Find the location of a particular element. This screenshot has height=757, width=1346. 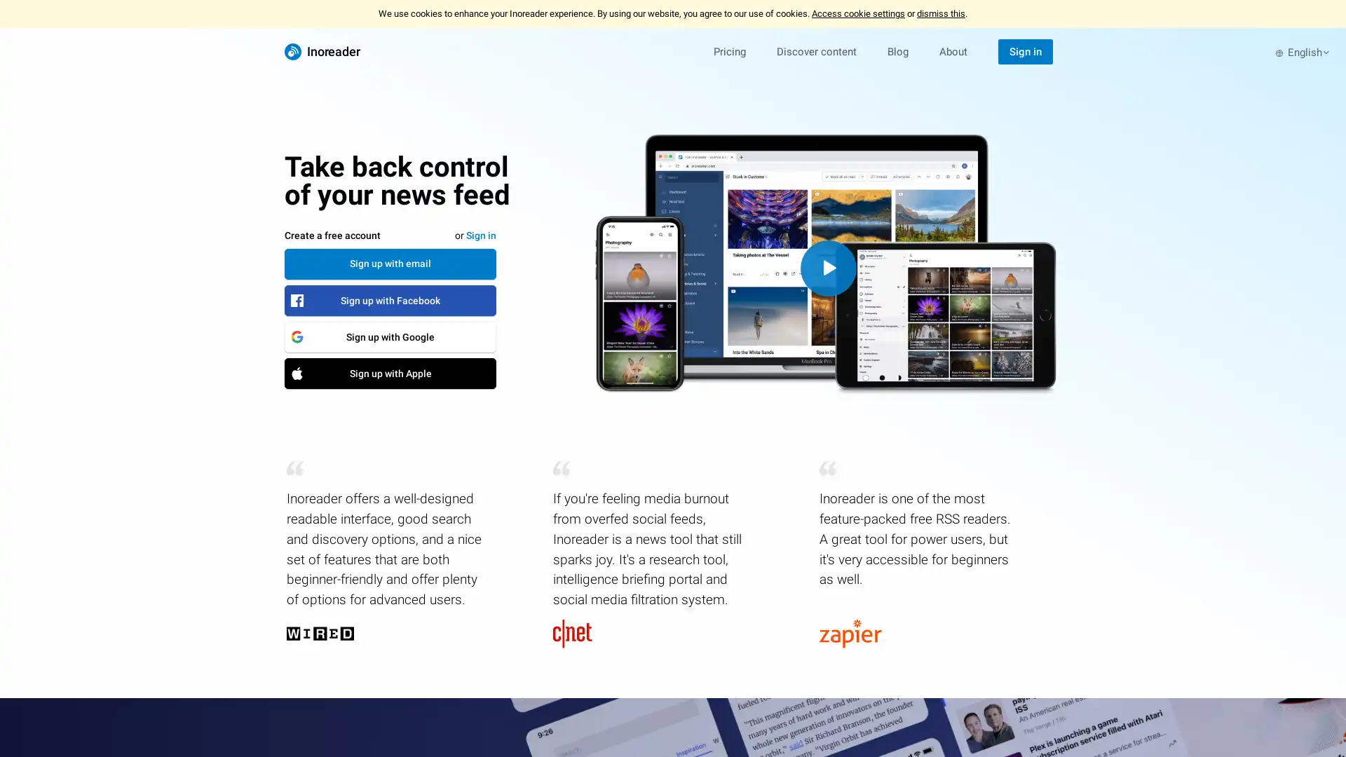

Sign up with Google is located at coordinates (390, 336).